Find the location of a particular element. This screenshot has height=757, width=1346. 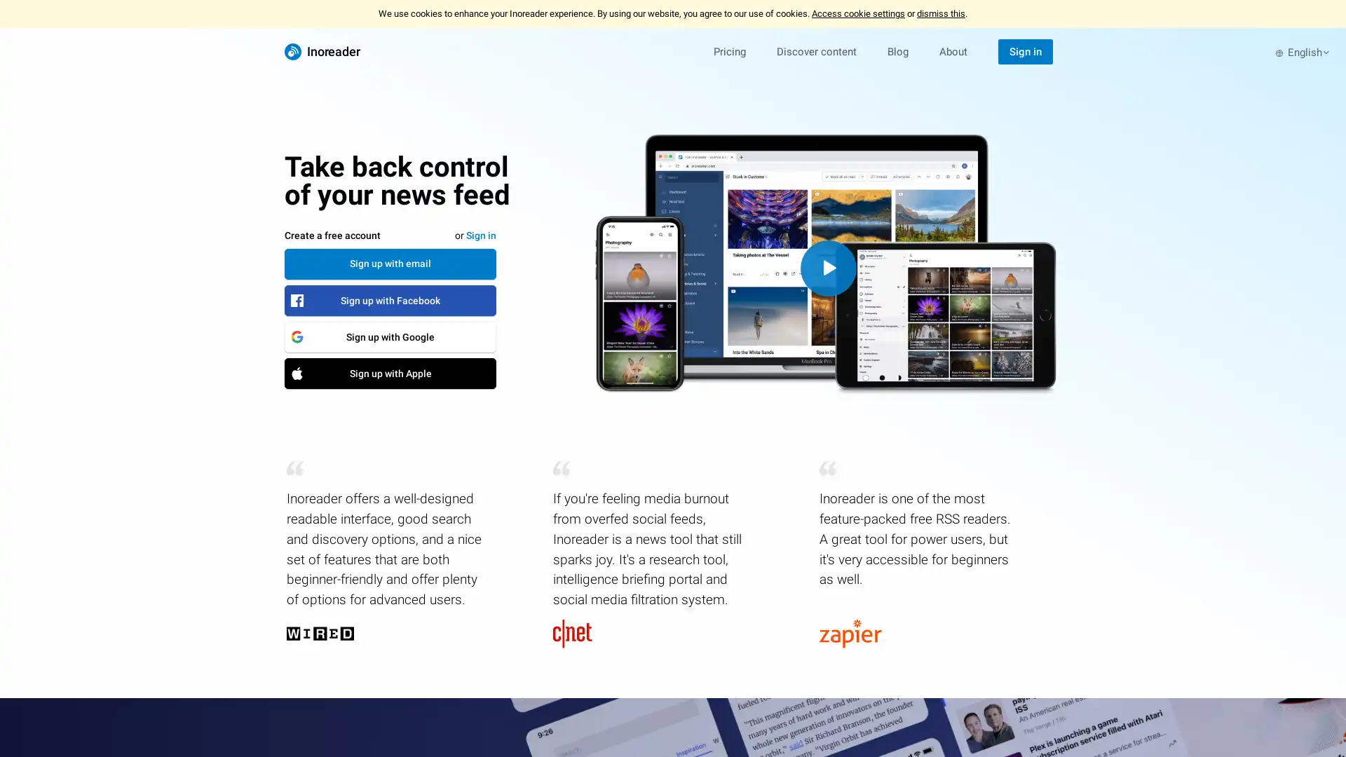

Sign up with Google is located at coordinates (390, 336).